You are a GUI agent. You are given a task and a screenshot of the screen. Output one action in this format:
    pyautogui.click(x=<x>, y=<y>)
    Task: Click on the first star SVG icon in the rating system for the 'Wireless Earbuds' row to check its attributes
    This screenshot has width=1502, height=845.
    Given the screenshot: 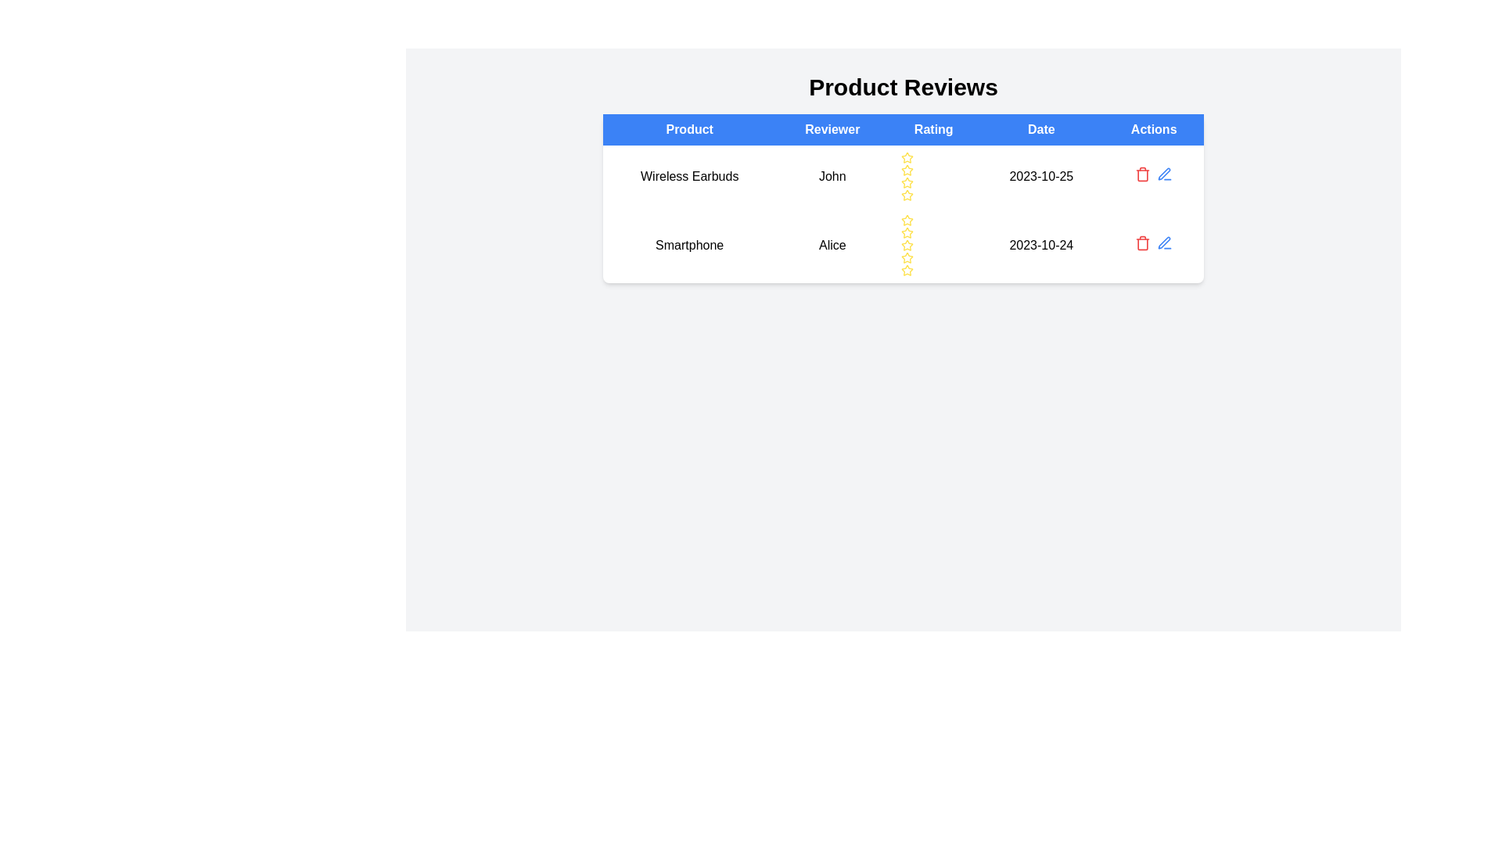 What is the action you would take?
    pyautogui.click(x=907, y=157)
    